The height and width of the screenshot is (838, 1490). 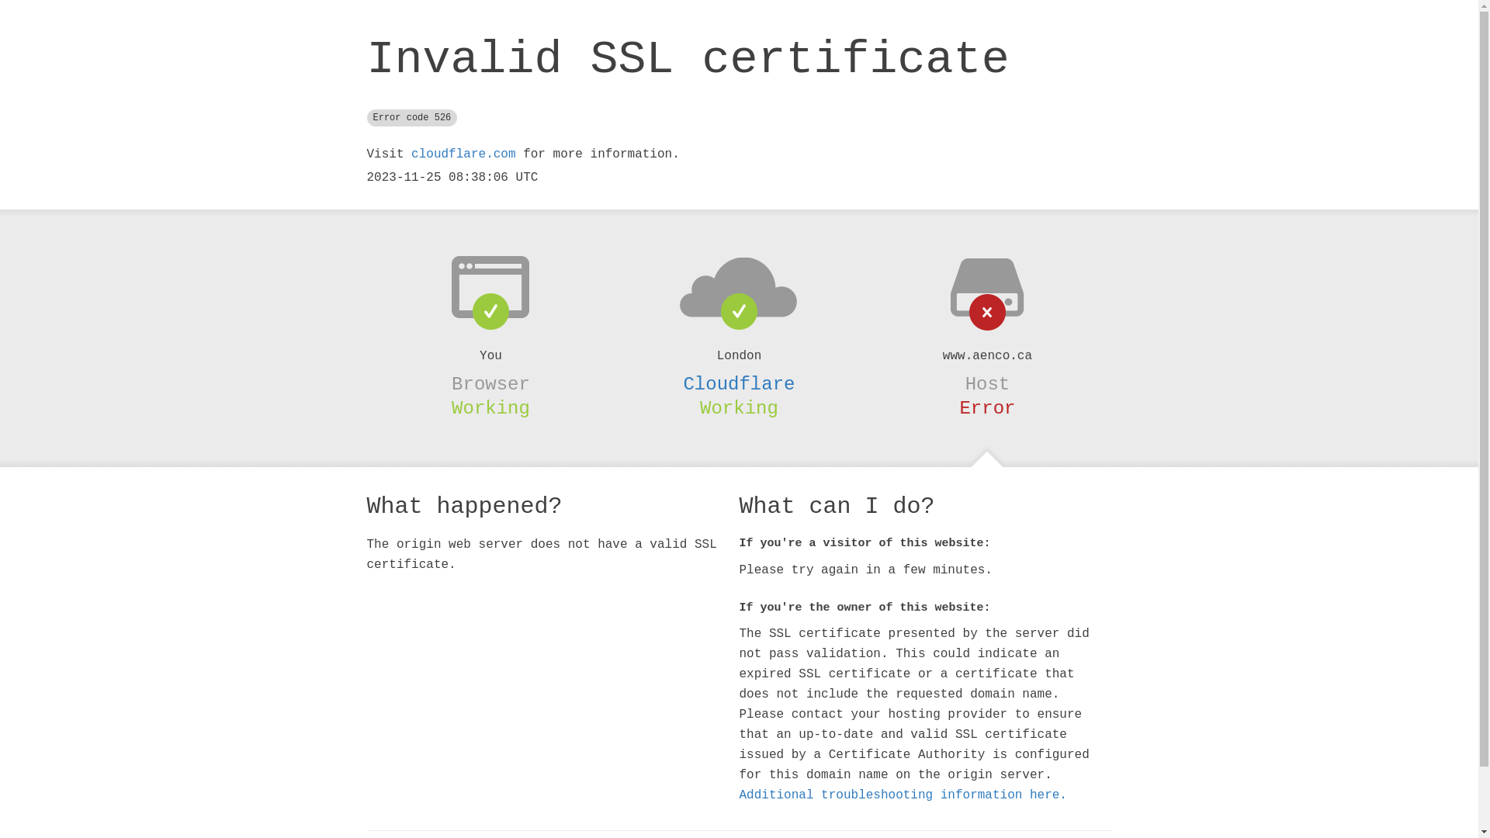 I want to click on 'cloudflare.com', so click(x=462, y=154).